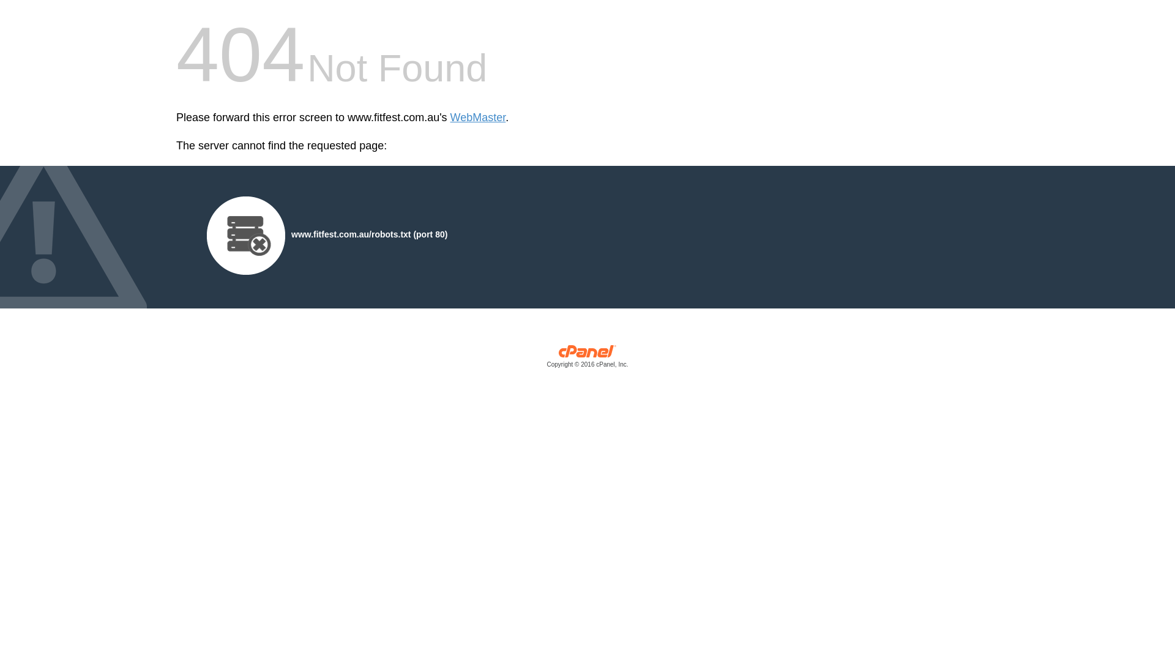 The height and width of the screenshot is (661, 1175). Describe the element at coordinates (449, 118) in the screenshot. I see `'WebMaster'` at that location.